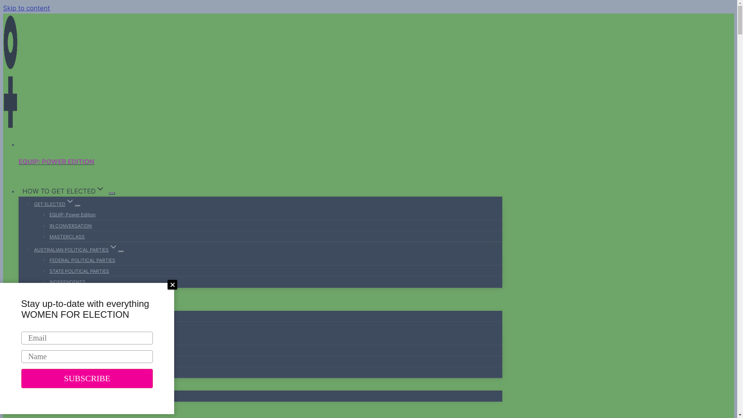  Describe the element at coordinates (26, 8) in the screenshot. I see `'Skip to content'` at that location.